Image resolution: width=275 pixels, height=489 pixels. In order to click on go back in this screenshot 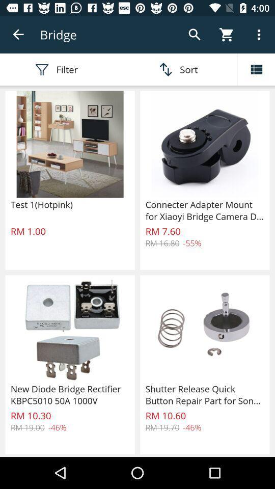, I will do `click(18, 35)`.